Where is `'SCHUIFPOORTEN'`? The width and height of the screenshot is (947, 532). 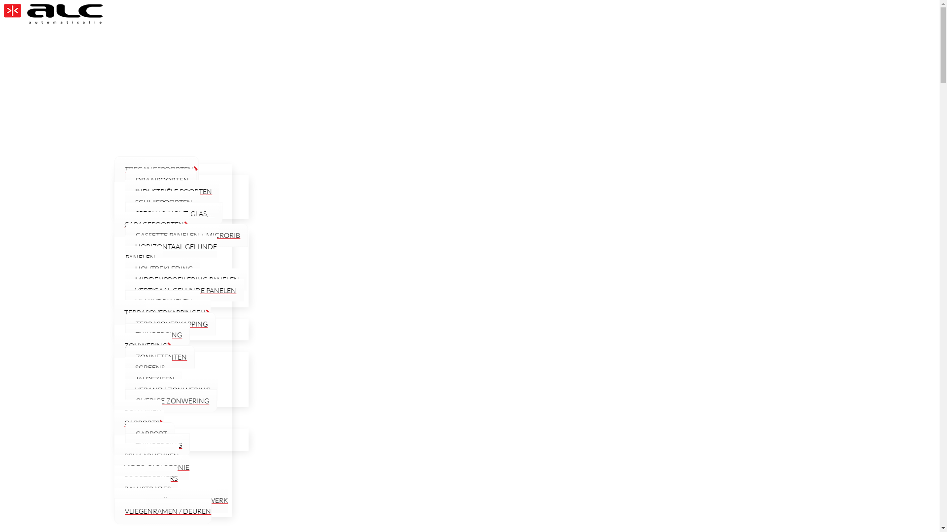
'SCHUIFPOORTEN' is located at coordinates (162, 201).